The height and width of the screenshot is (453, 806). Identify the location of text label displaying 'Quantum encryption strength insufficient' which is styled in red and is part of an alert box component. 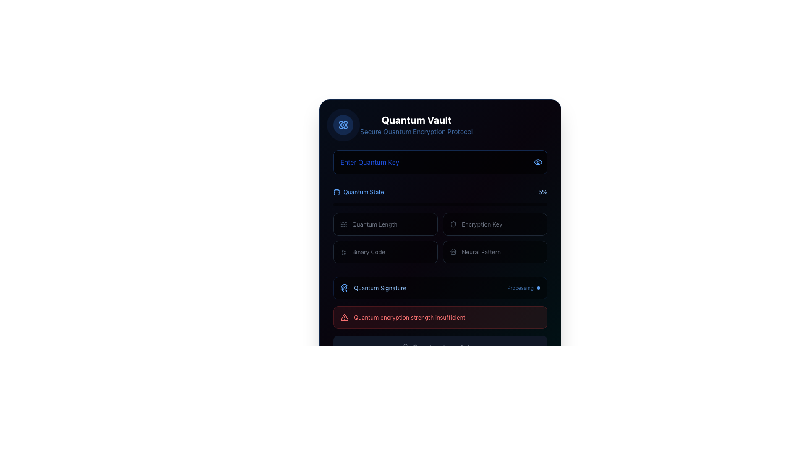
(409, 317).